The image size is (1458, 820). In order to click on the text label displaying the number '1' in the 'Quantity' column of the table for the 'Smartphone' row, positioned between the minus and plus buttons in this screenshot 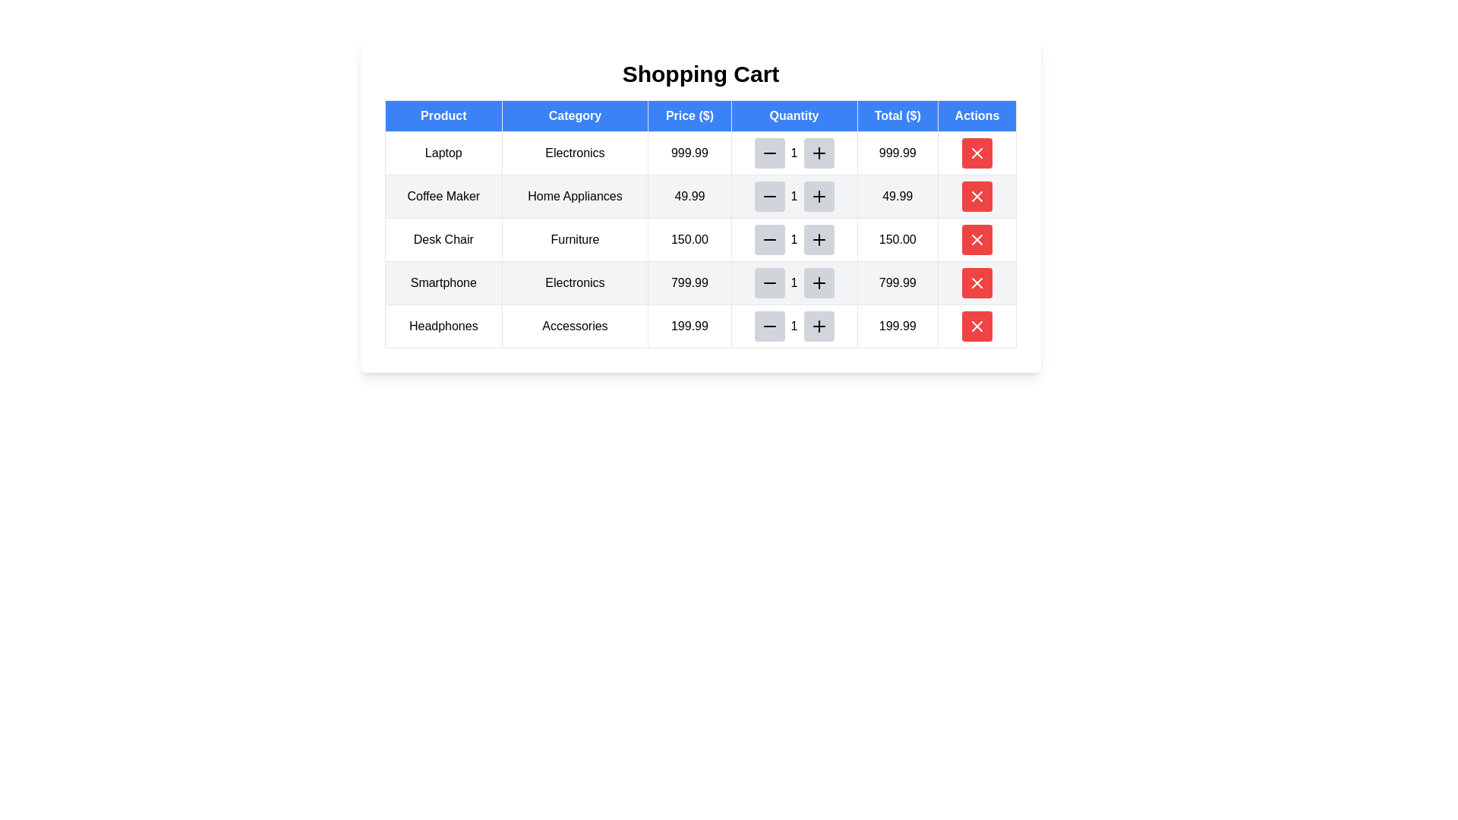, I will do `click(794, 283)`.